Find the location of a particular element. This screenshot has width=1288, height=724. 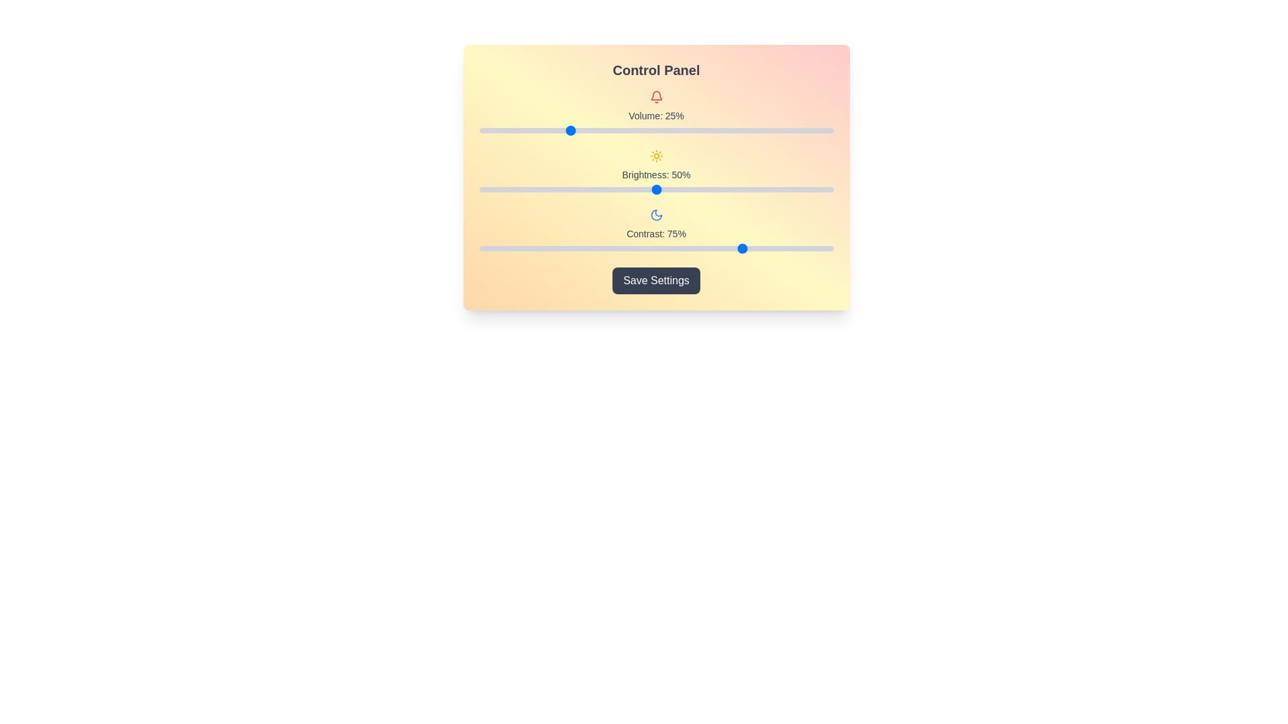

the text label displaying 'Brightness: 50%' which is styled in grayish color and positioned in the brightness control section is located at coordinates (656, 174).